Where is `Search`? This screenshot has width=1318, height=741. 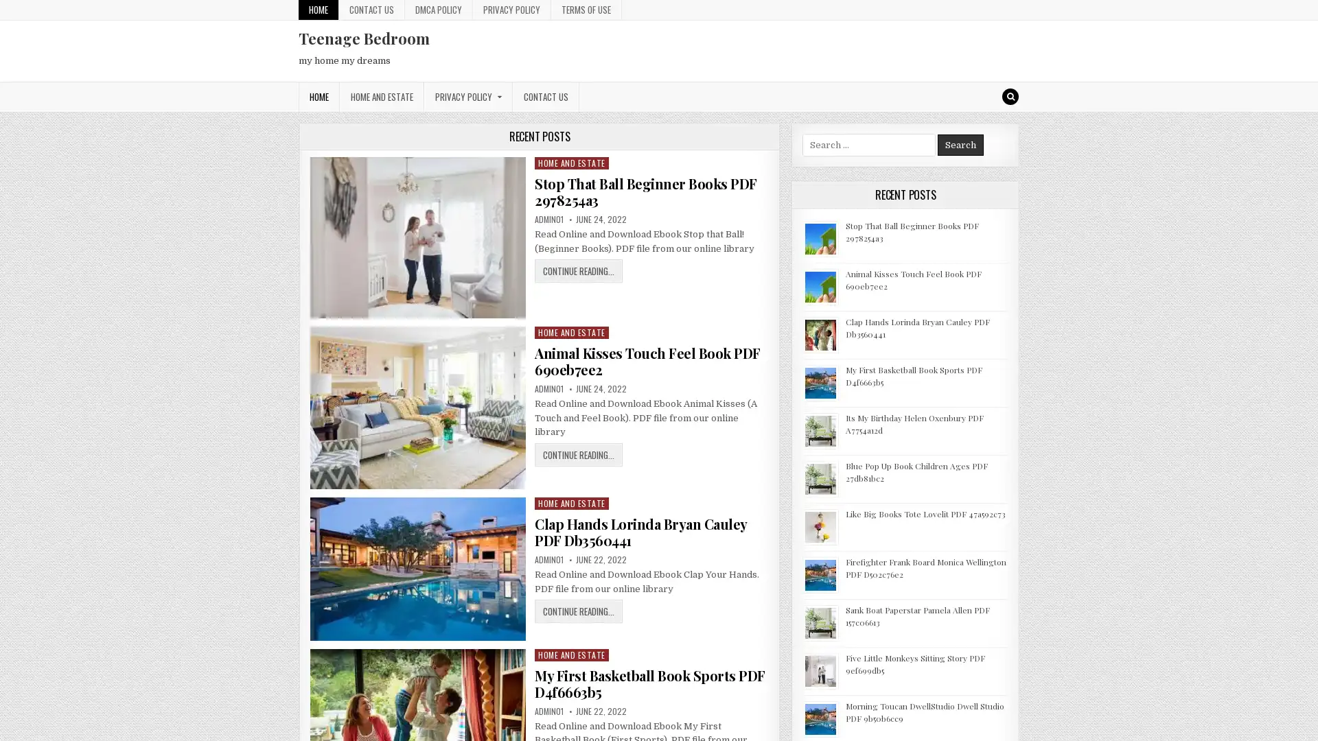
Search is located at coordinates (960, 145).